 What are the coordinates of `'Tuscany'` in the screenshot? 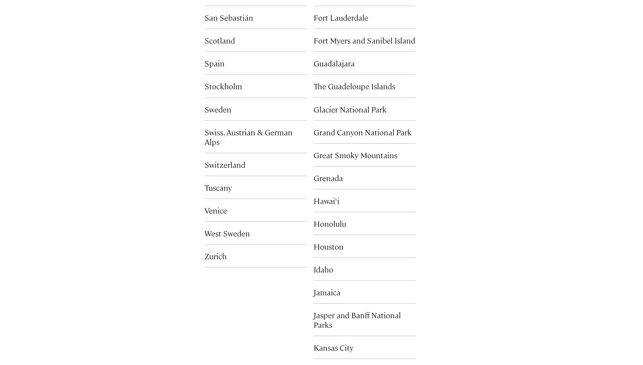 It's located at (218, 186).